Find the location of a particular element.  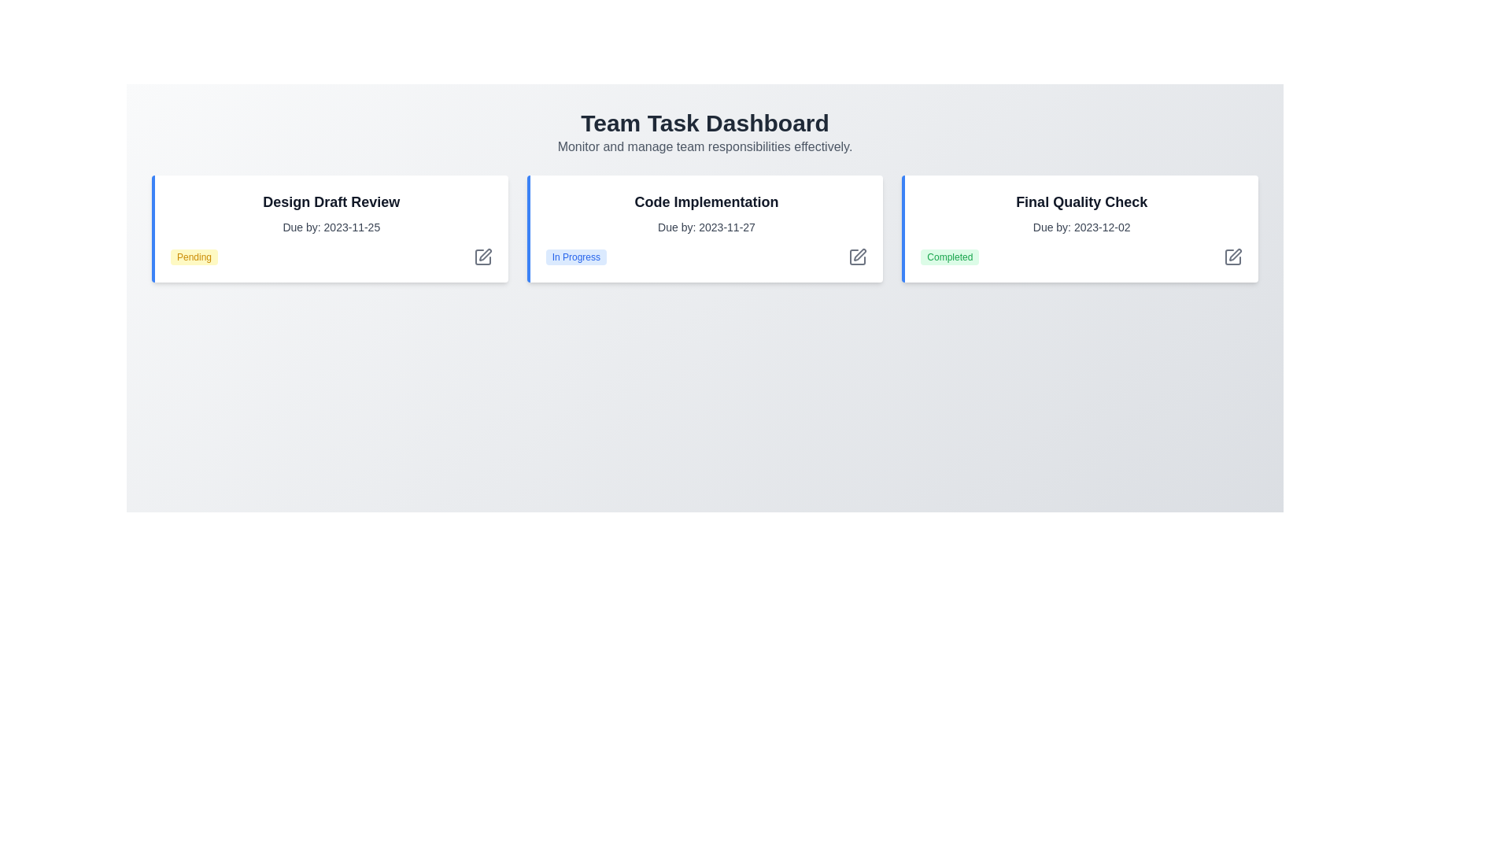

the Icon button located at the top right corner of the 'Final Quality Check' card is located at coordinates (1232, 257).